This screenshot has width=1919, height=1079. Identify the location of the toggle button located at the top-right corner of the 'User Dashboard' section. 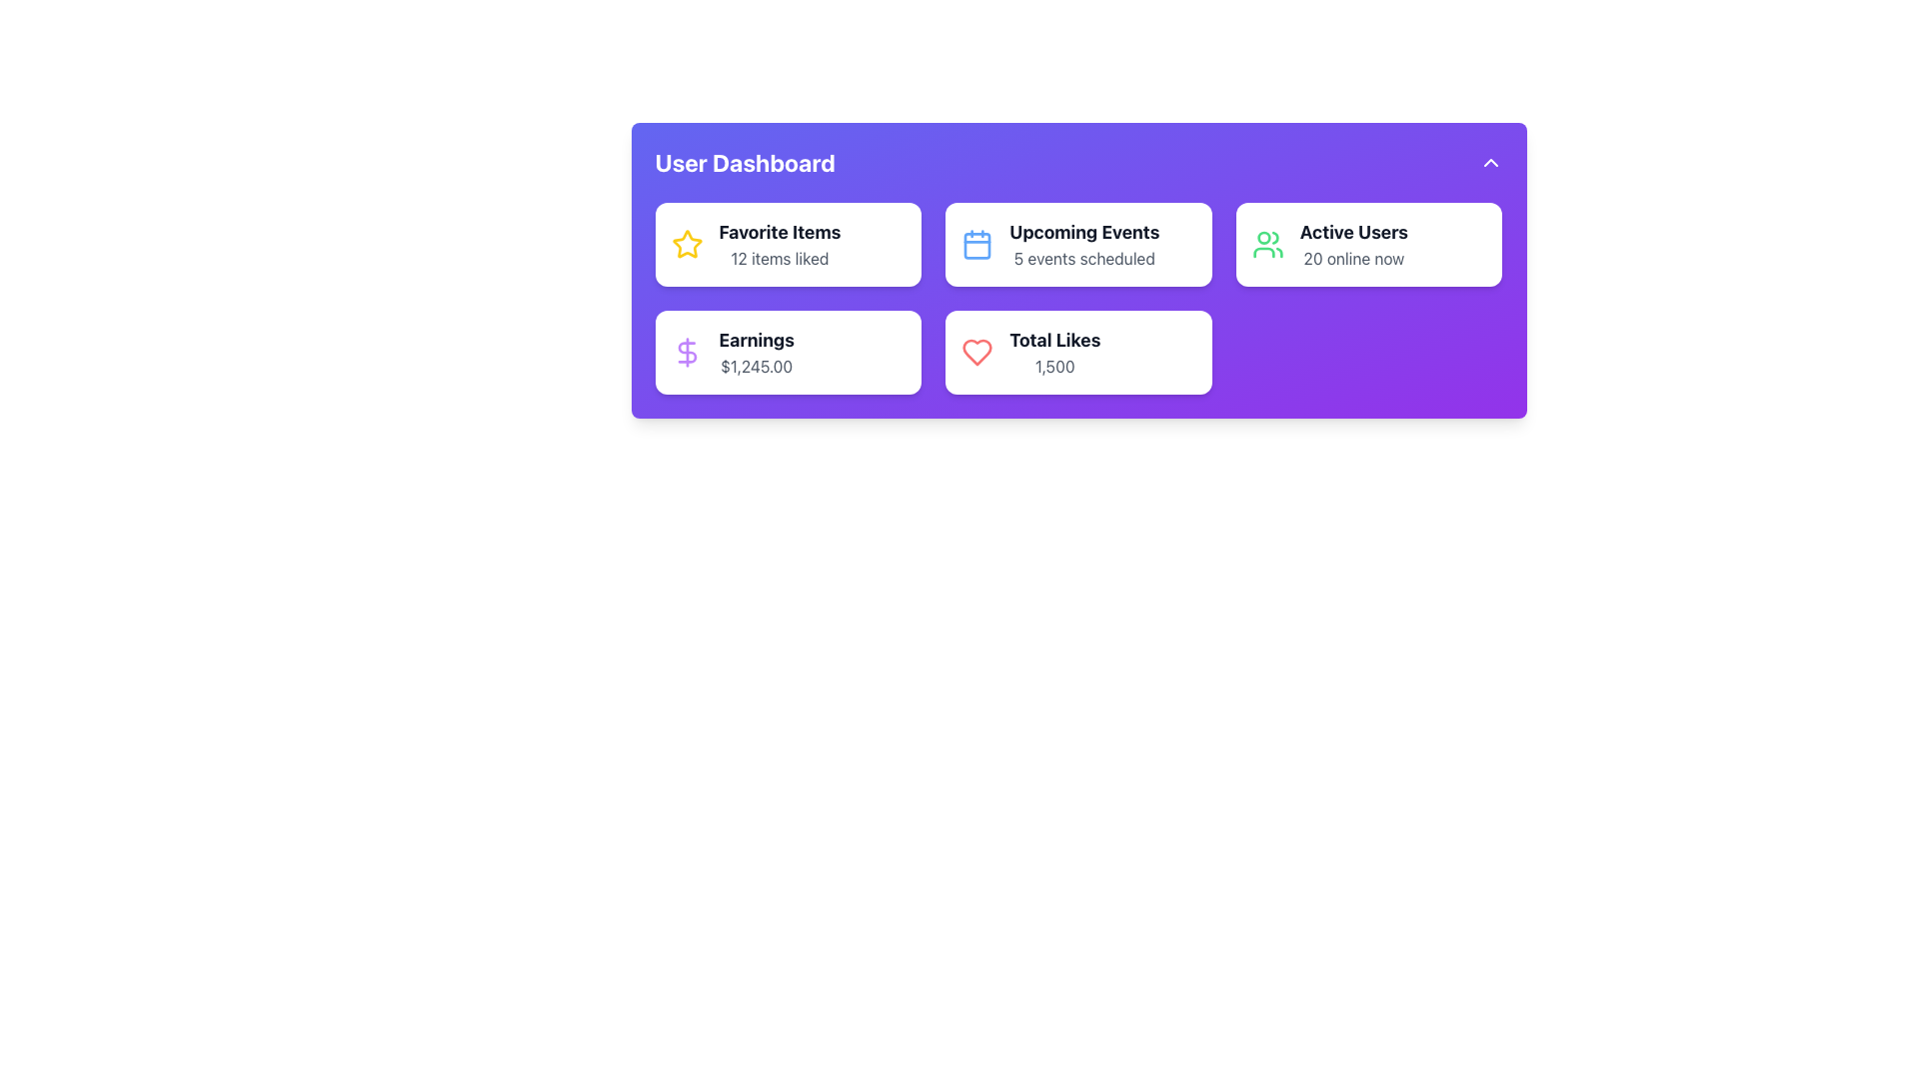
(1490, 161).